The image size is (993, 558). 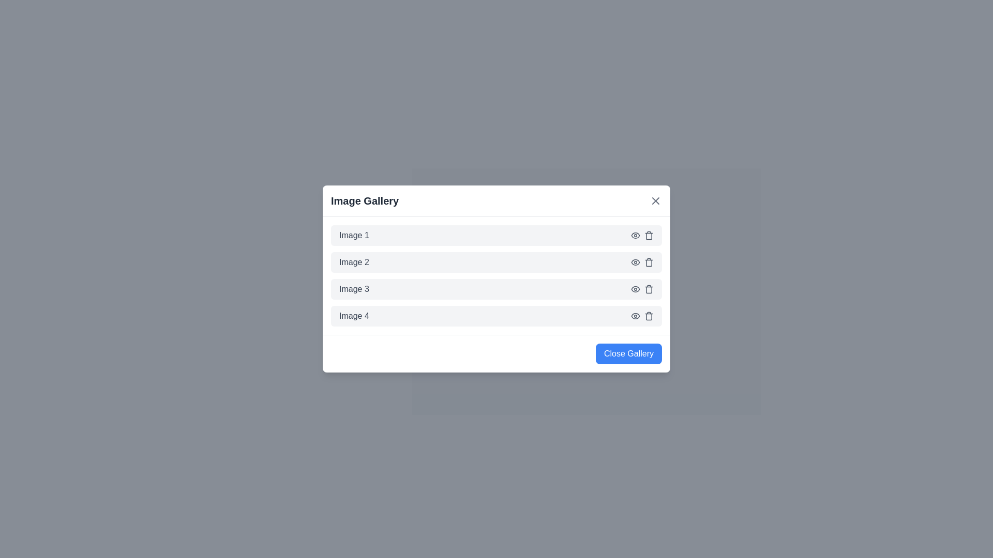 What do you see at coordinates (354, 289) in the screenshot?
I see `the text label displaying 'Image 3', which is styled in a gray sans-serif font and located in the third row of the list` at bounding box center [354, 289].